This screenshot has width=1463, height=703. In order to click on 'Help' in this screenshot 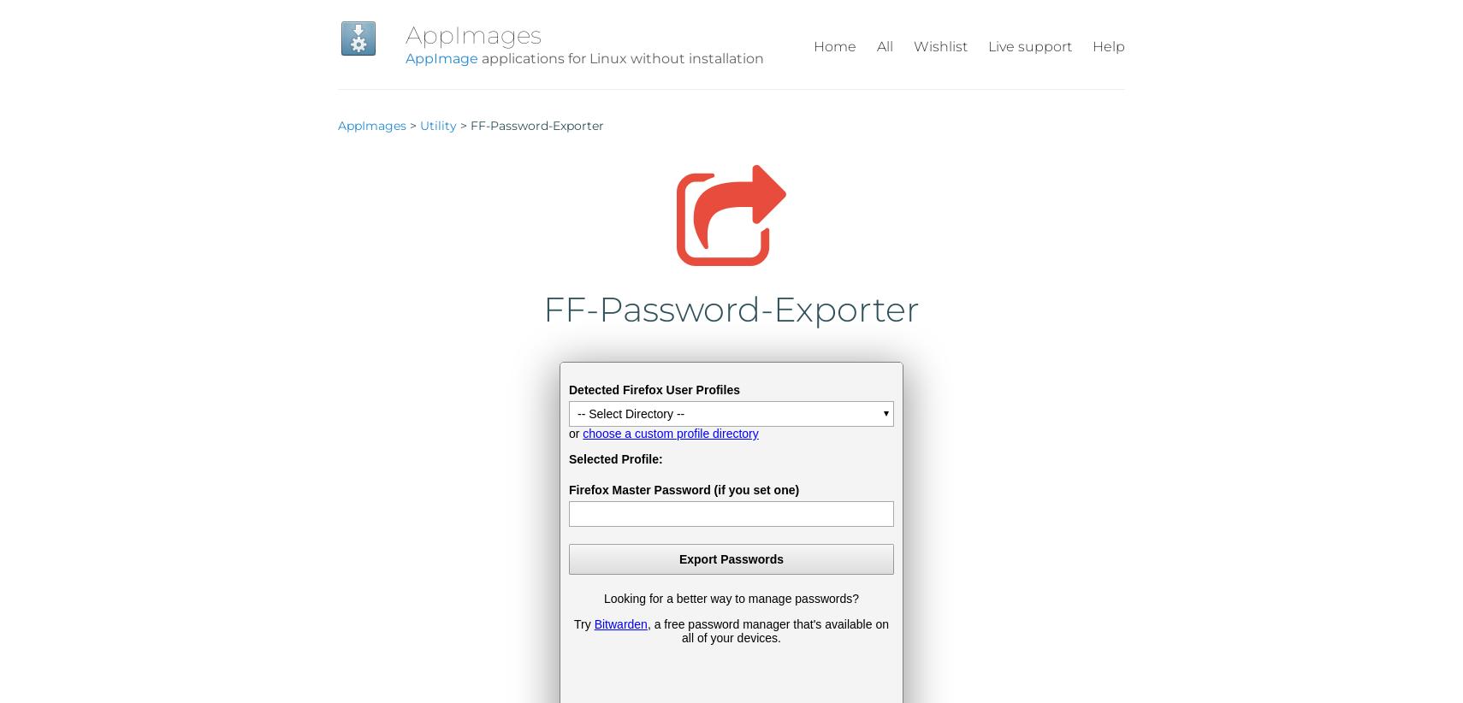, I will do `click(1109, 46)`.